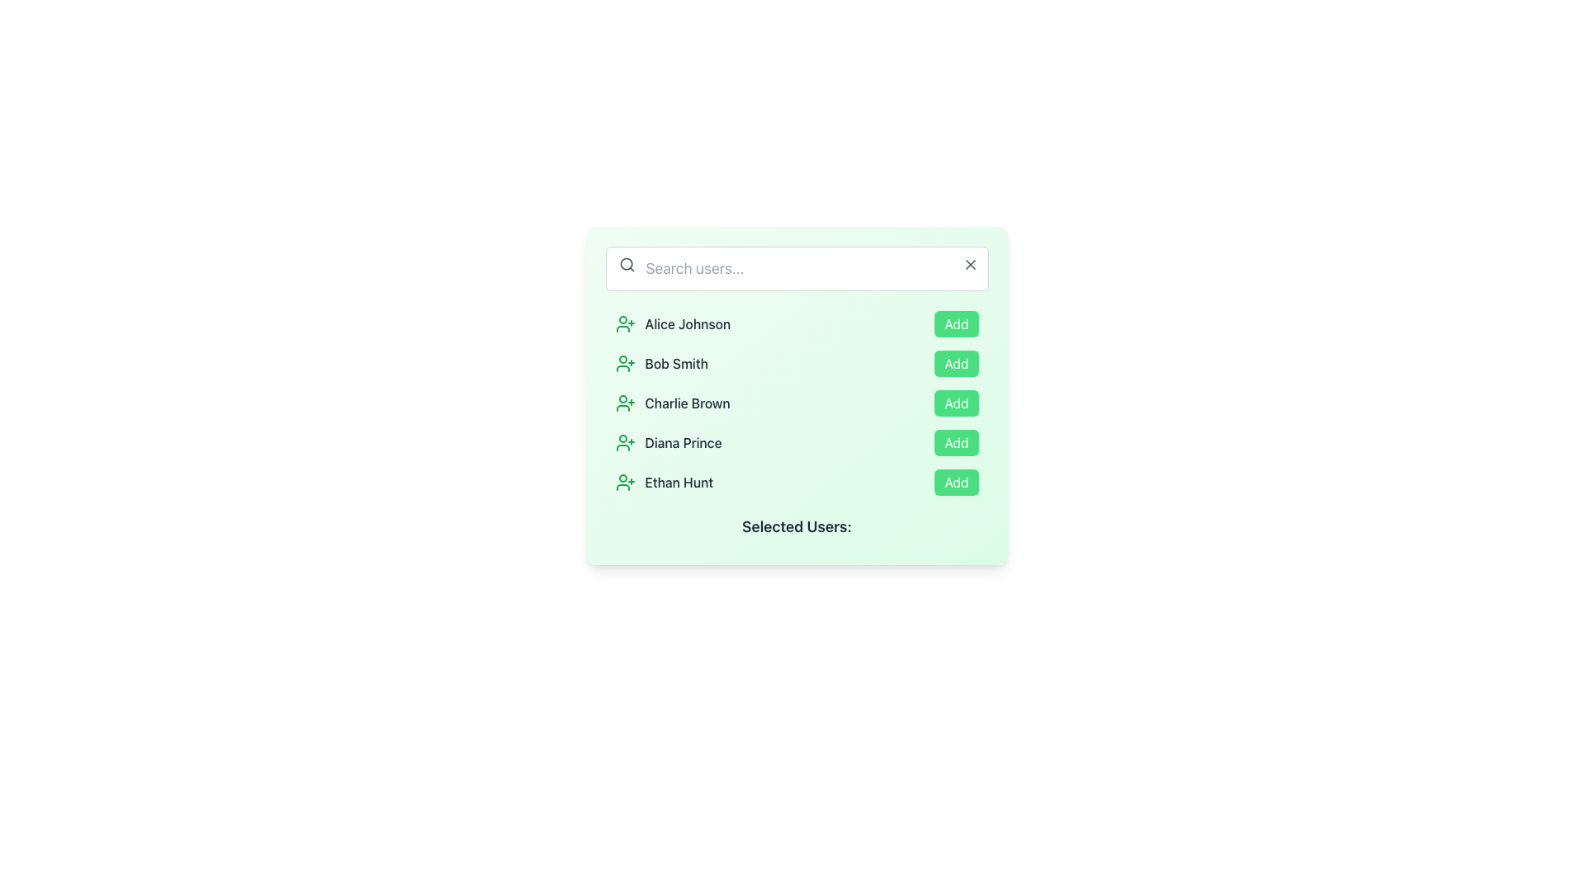  Describe the element at coordinates (797, 324) in the screenshot. I see `the first row of the user list containing 'Alice Johnson' for keyboard interaction` at that location.